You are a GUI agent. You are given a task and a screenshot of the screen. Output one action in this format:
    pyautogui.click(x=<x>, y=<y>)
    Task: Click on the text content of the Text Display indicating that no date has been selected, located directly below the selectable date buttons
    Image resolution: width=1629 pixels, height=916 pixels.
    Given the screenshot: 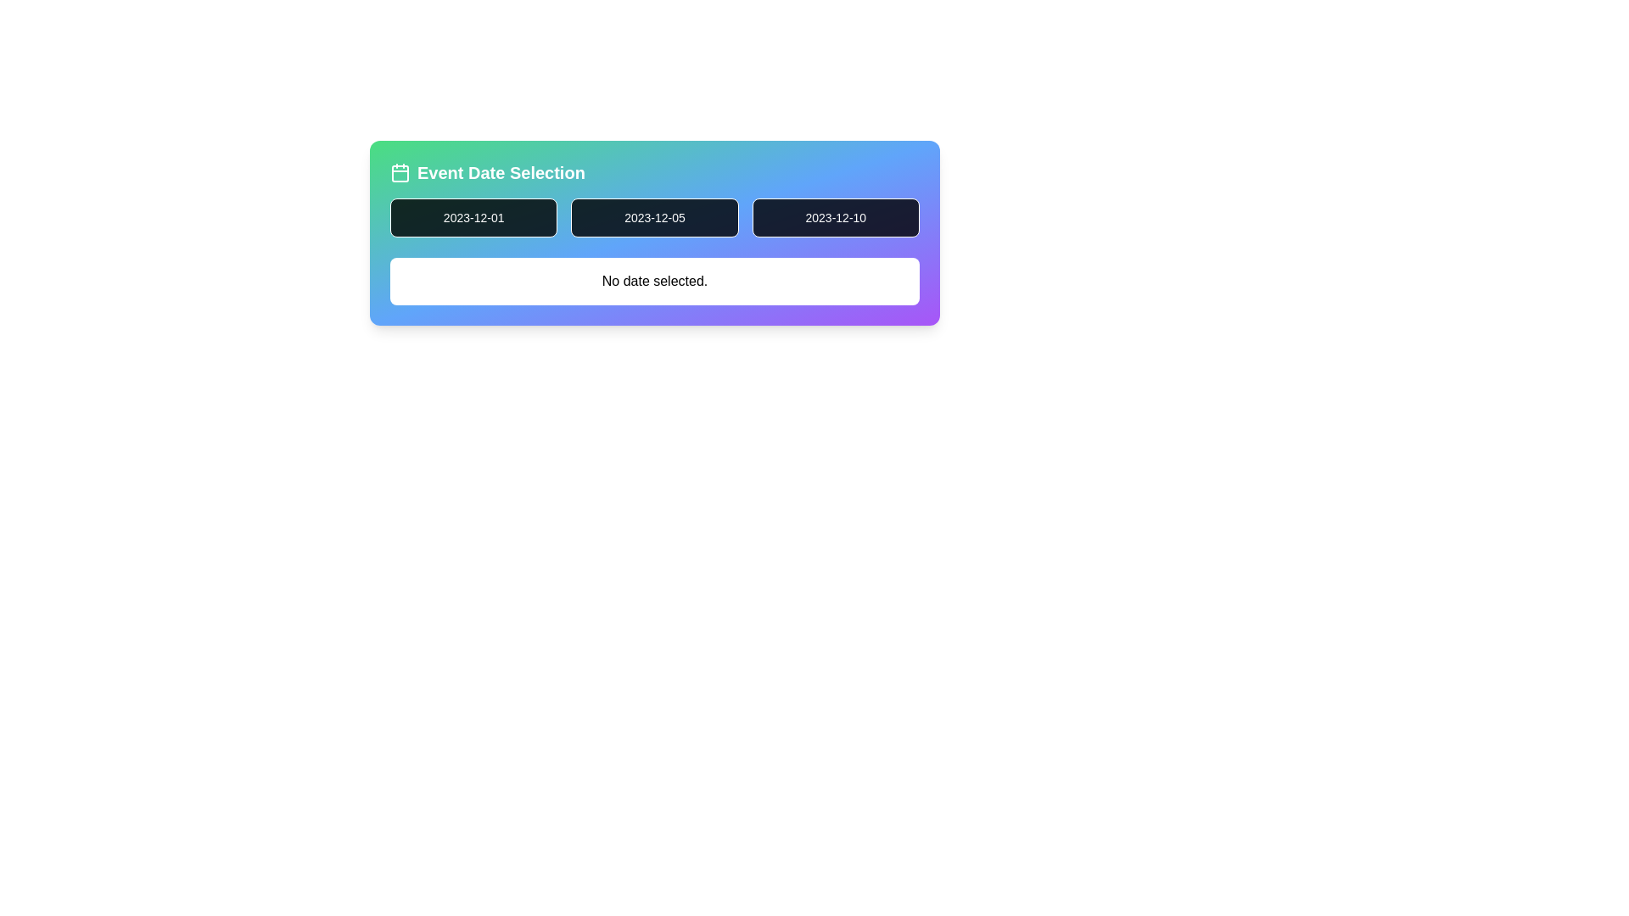 What is the action you would take?
    pyautogui.click(x=654, y=280)
    